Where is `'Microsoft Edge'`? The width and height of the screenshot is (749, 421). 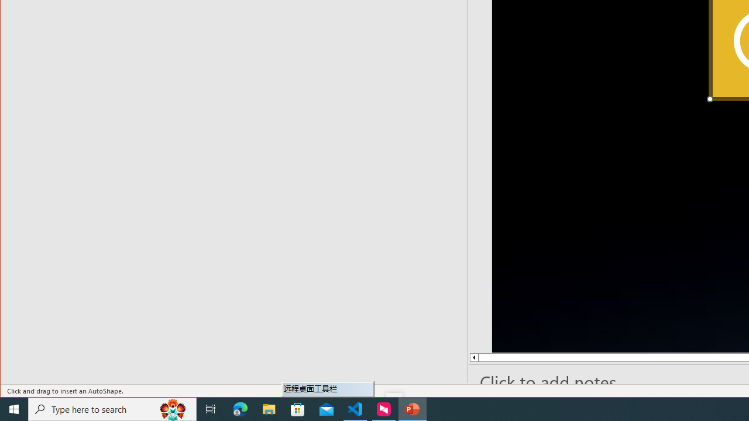
'Microsoft Edge' is located at coordinates (240, 408).